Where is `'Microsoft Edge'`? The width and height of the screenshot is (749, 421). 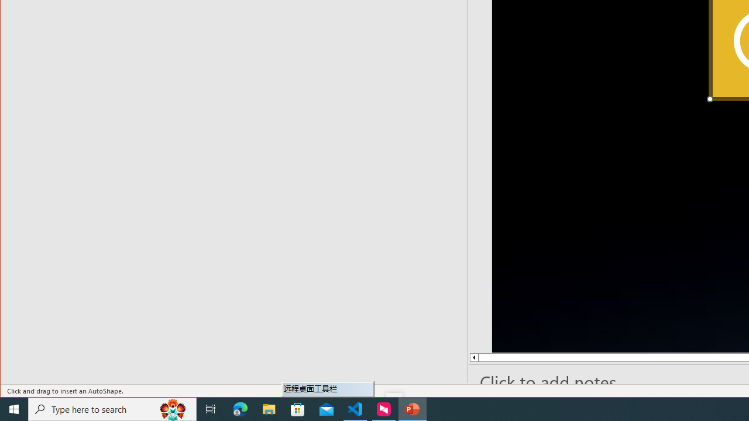
'Microsoft Edge' is located at coordinates (240, 408).